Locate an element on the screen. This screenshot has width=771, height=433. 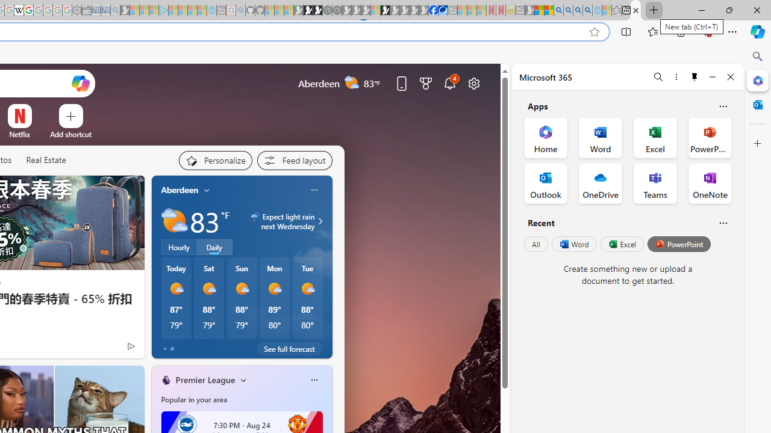
'See full forecast' is located at coordinates (289, 348).